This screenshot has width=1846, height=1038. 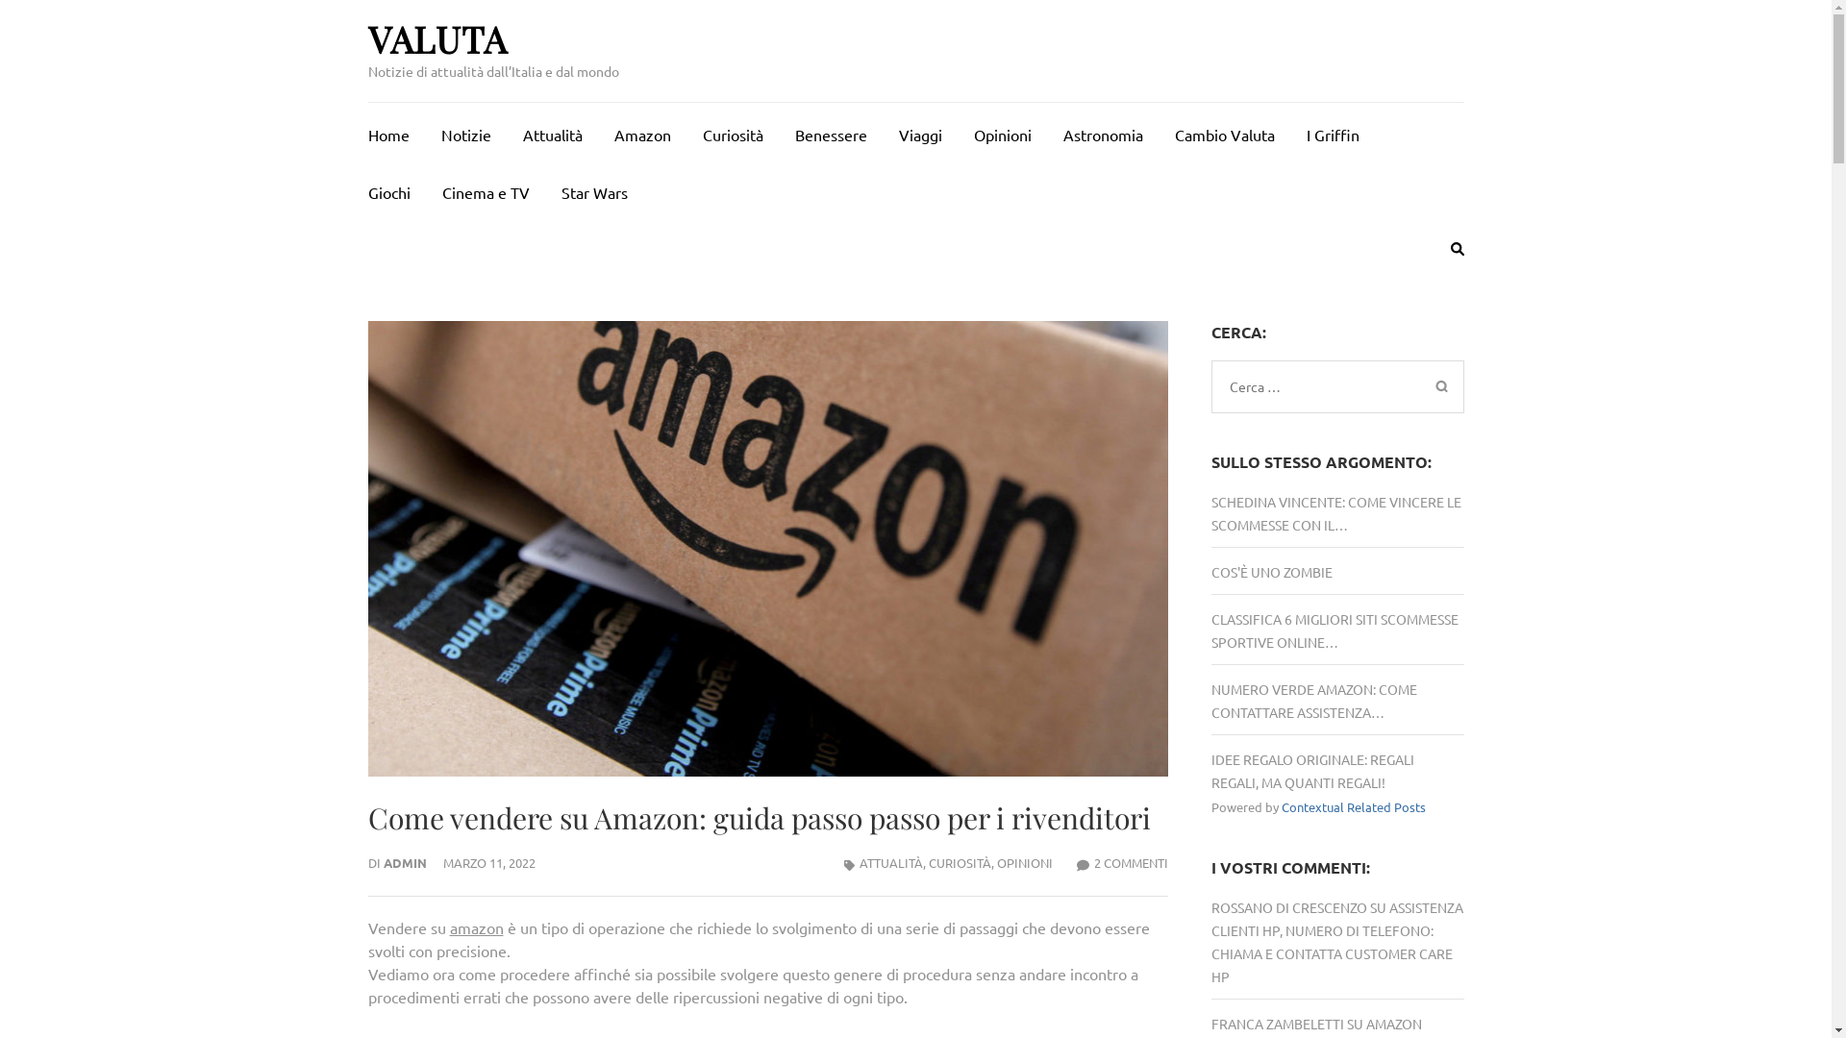 I want to click on 'Star Wars', so click(x=593, y=188).